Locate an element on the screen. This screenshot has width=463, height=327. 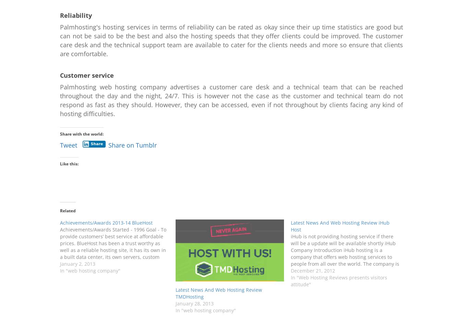
'Related' is located at coordinates (60, 210).